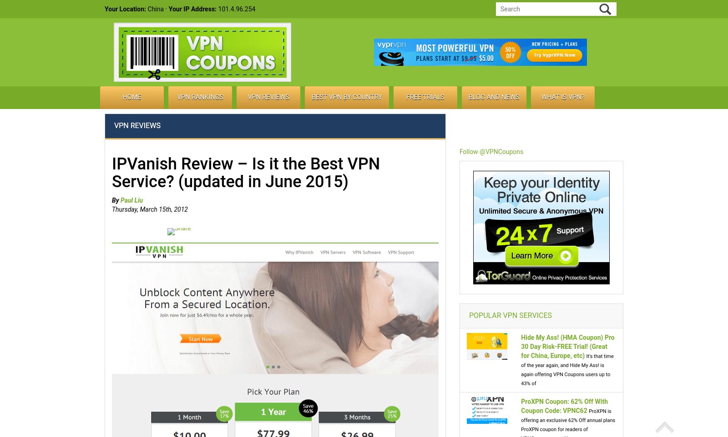 The width and height of the screenshot is (728, 437). What do you see at coordinates (199, 97) in the screenshot?
I see `'VPN Rankings'` at bounding box center [199, 97].